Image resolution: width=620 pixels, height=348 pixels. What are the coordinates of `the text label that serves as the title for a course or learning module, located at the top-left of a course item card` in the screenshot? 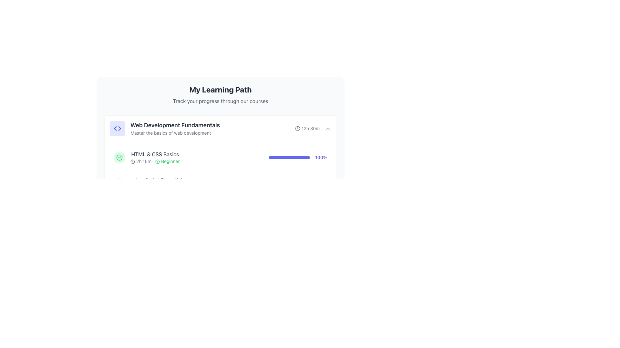 It's located at (175, 125).